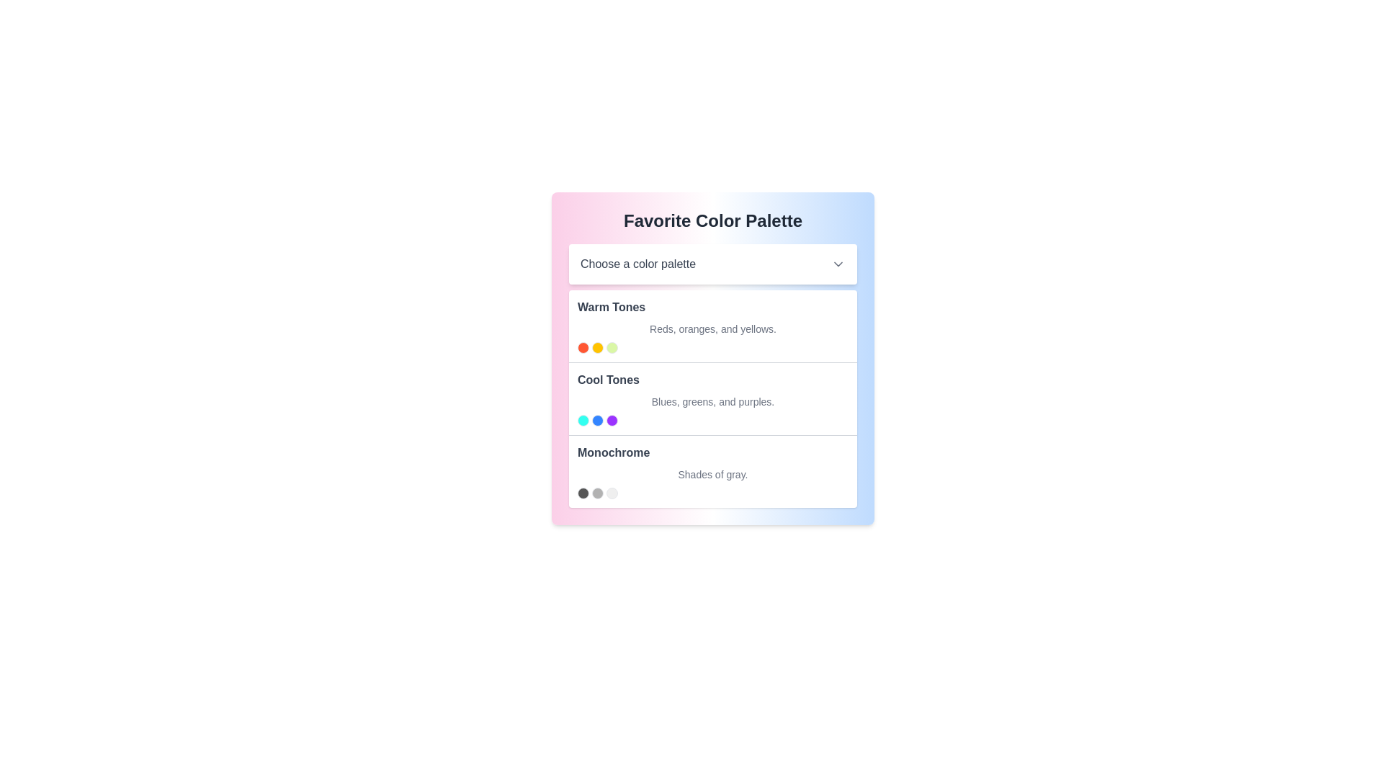 The image size is (1383, 778). What do you see at coordinates (614, 452) in the screenshot?
I see `the text label for the monochrome color theme option, located in the bottom section of the list within the color palette selection panel under 'Cool Tones'` at bounding box center [614, 452].